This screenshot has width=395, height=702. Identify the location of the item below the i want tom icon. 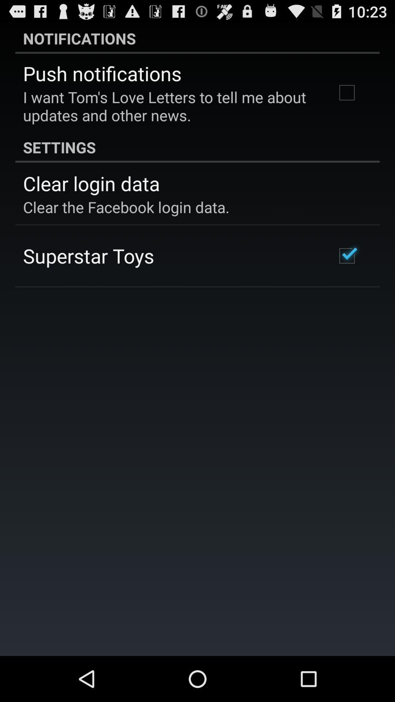
(197, 147).